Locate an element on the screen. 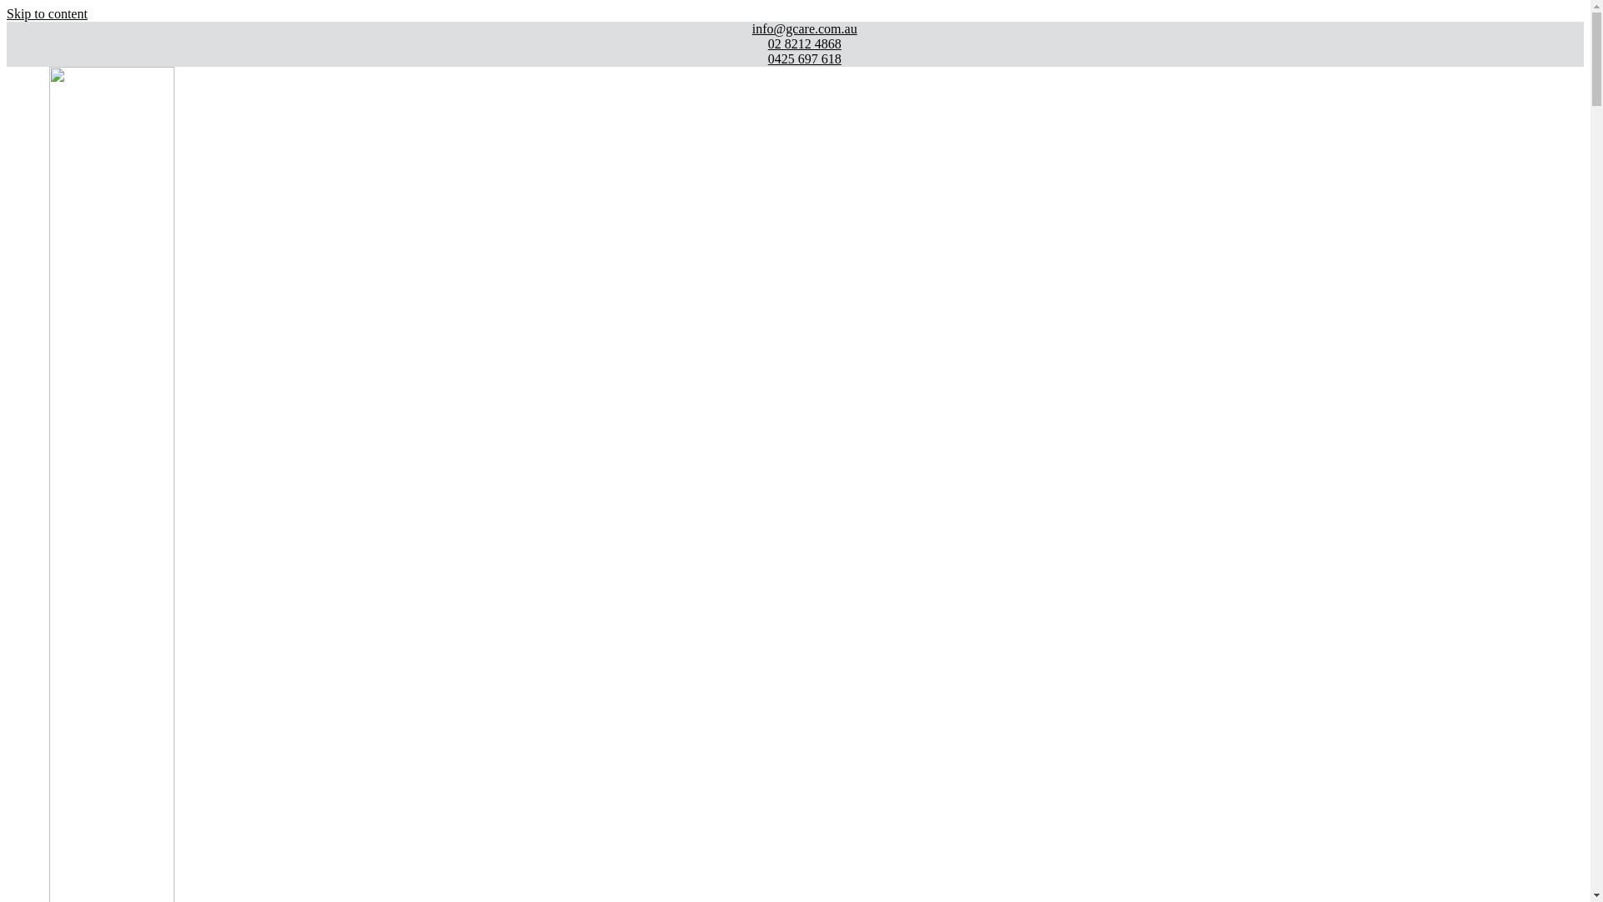  'Skip to content' is located at coordinates (7, 13).